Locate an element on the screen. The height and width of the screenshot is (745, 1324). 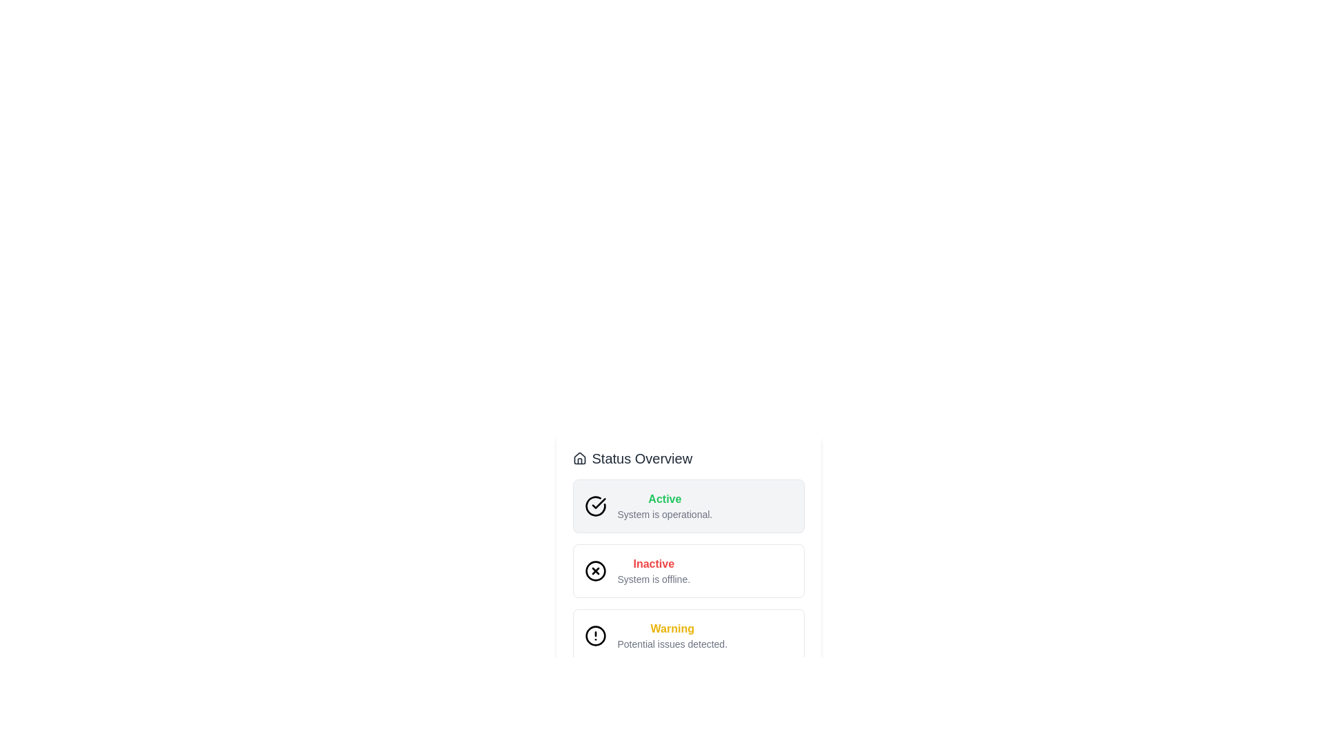
the styled status display box that shows 'Inactive' in red with additional text 'System is offline.' is located at coordinates (688, 585).